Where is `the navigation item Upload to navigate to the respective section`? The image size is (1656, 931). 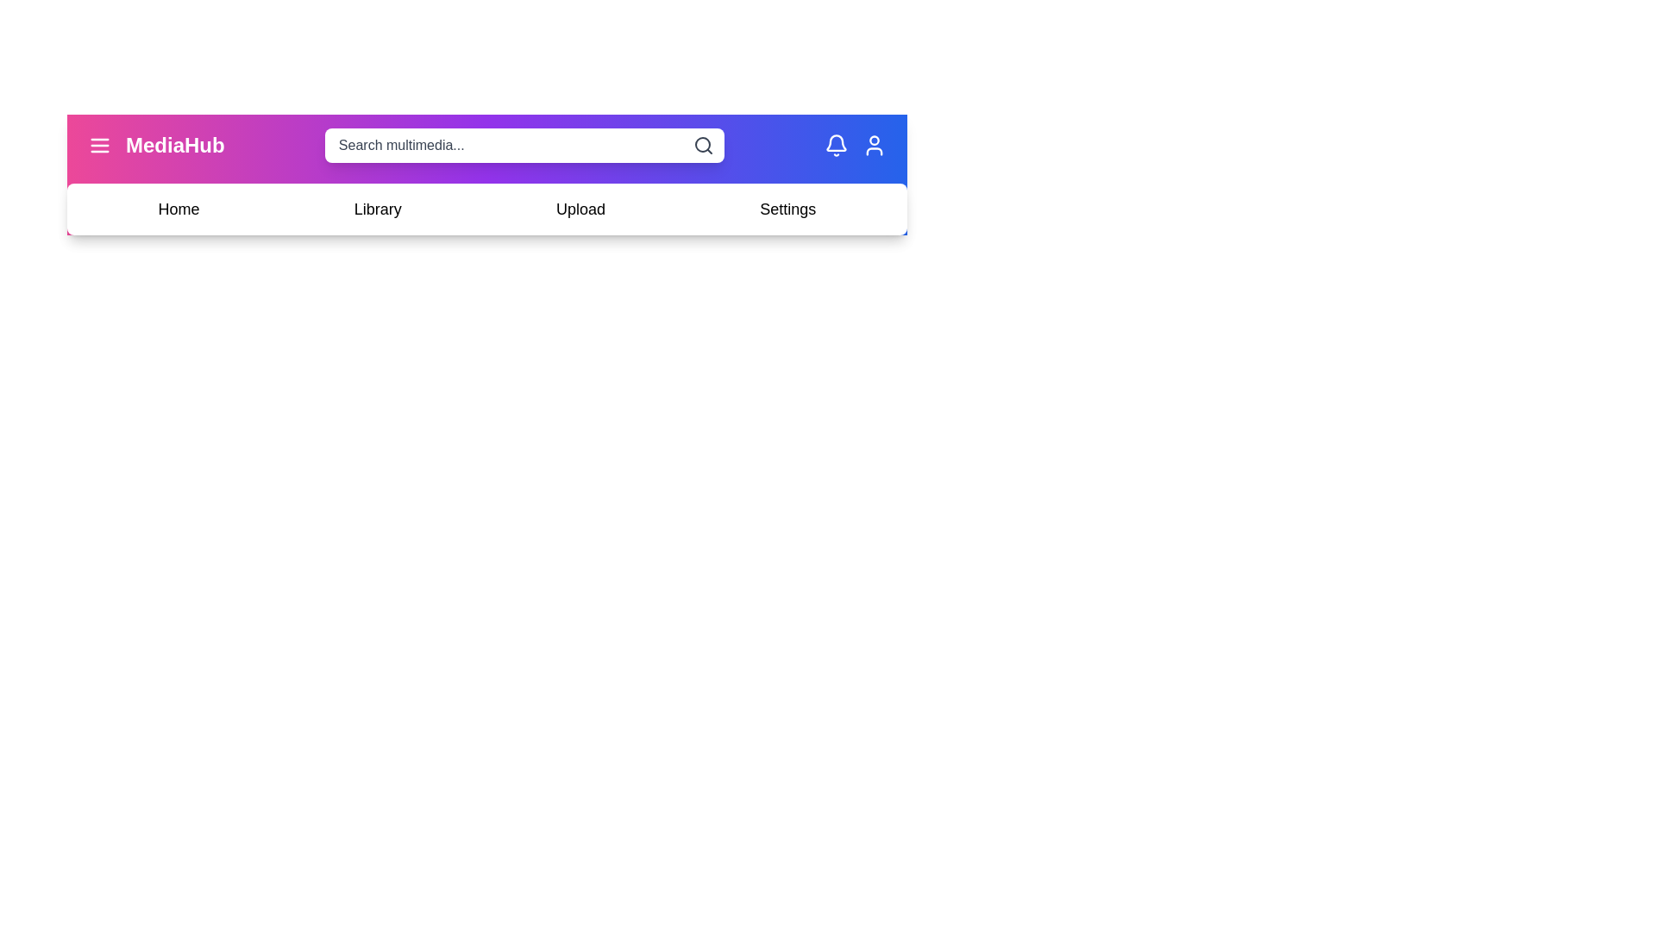 the navigation item Upload to navigate to the respective section is located at coordinates (580, 209).